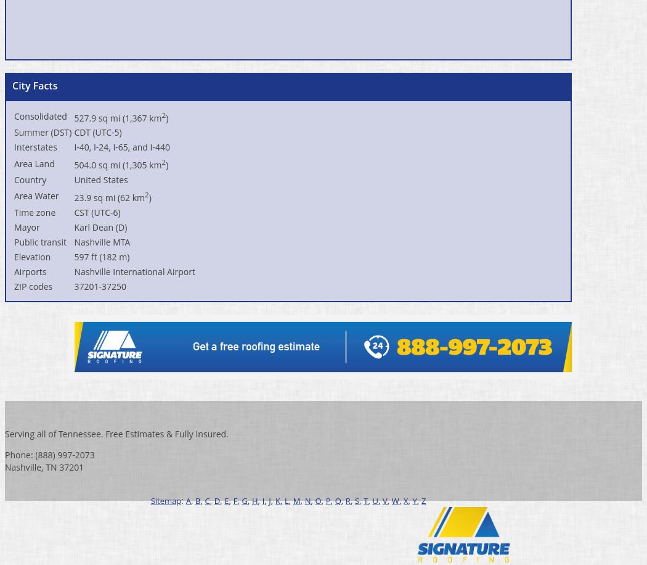 The width and height of the screenshot is (647, 565). Describe the element at coordinates (36, 195) in the screenshot. I see `'Area Water'` at that location.